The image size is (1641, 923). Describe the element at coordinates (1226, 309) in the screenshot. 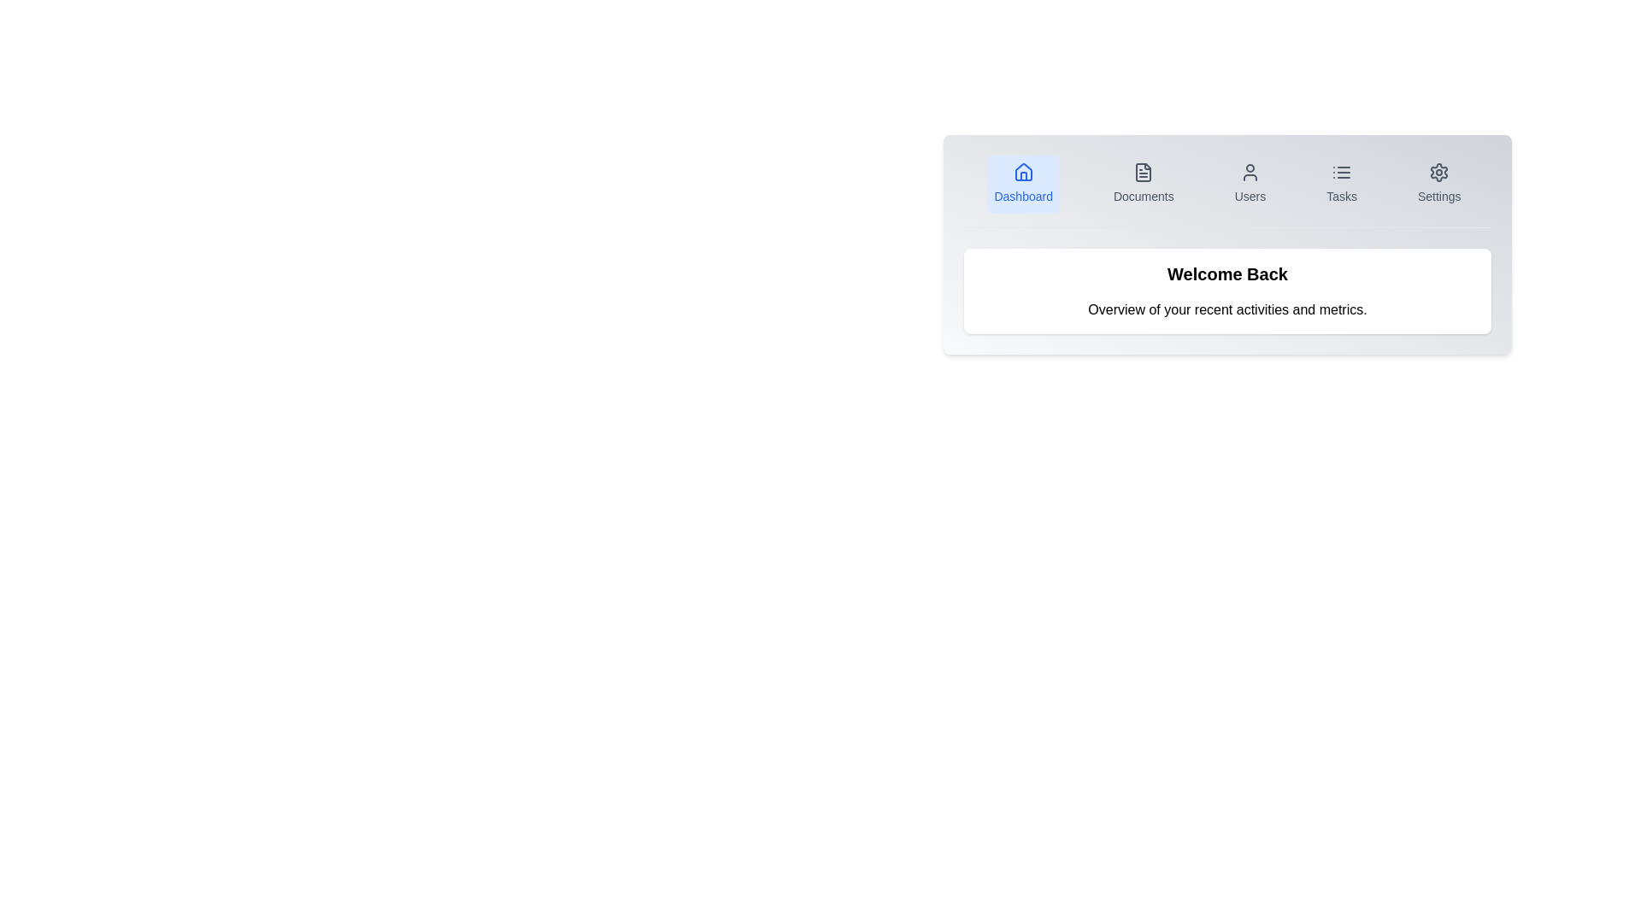

I see `the text label reading 'Overview of your recent activities and metrics.', which is styled in a regular font and positioned directly below the bold heading 'Welcome Back'` at that location.